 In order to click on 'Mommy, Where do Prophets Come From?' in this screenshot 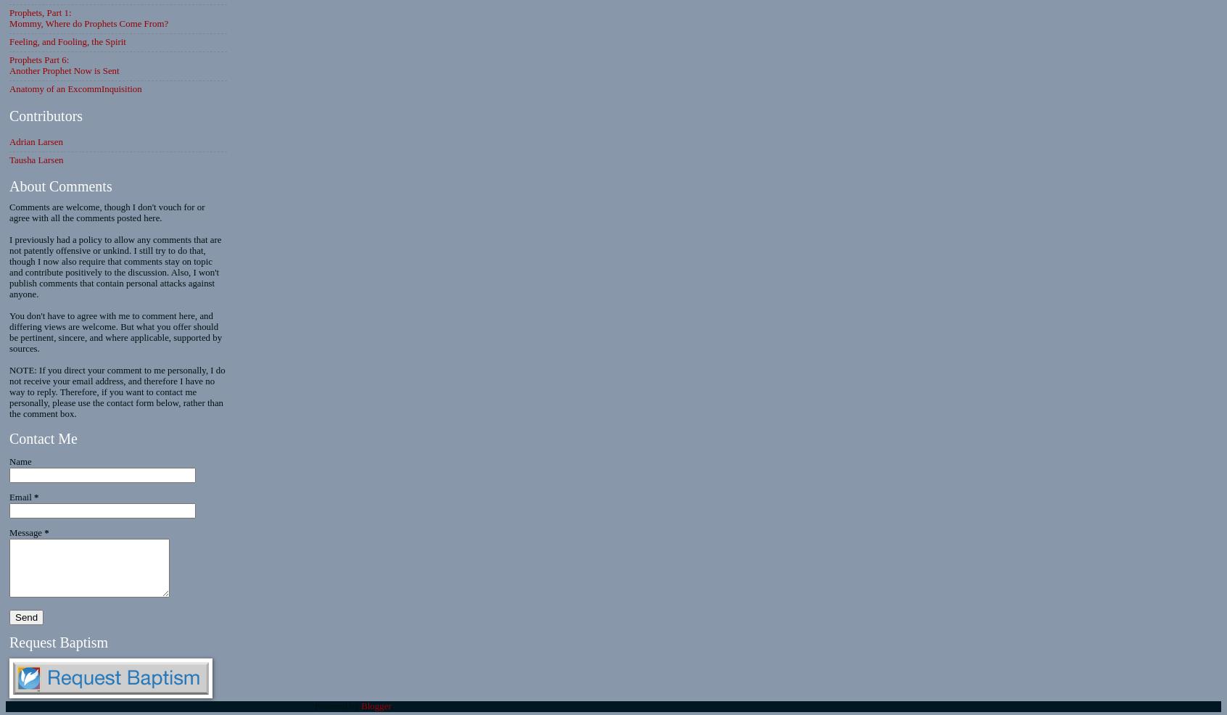, I will do `click(88, 23)`.